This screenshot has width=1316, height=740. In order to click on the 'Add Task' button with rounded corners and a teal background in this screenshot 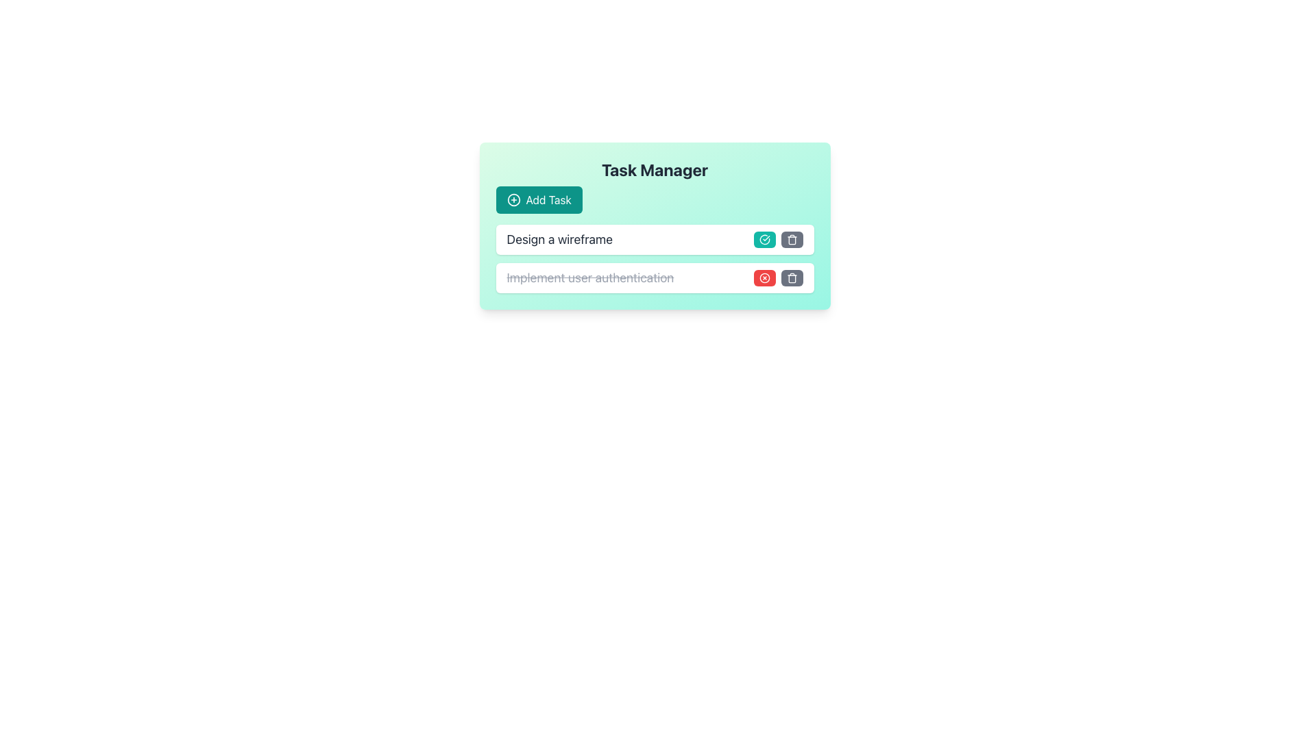, I will do `click(538, 200)`.